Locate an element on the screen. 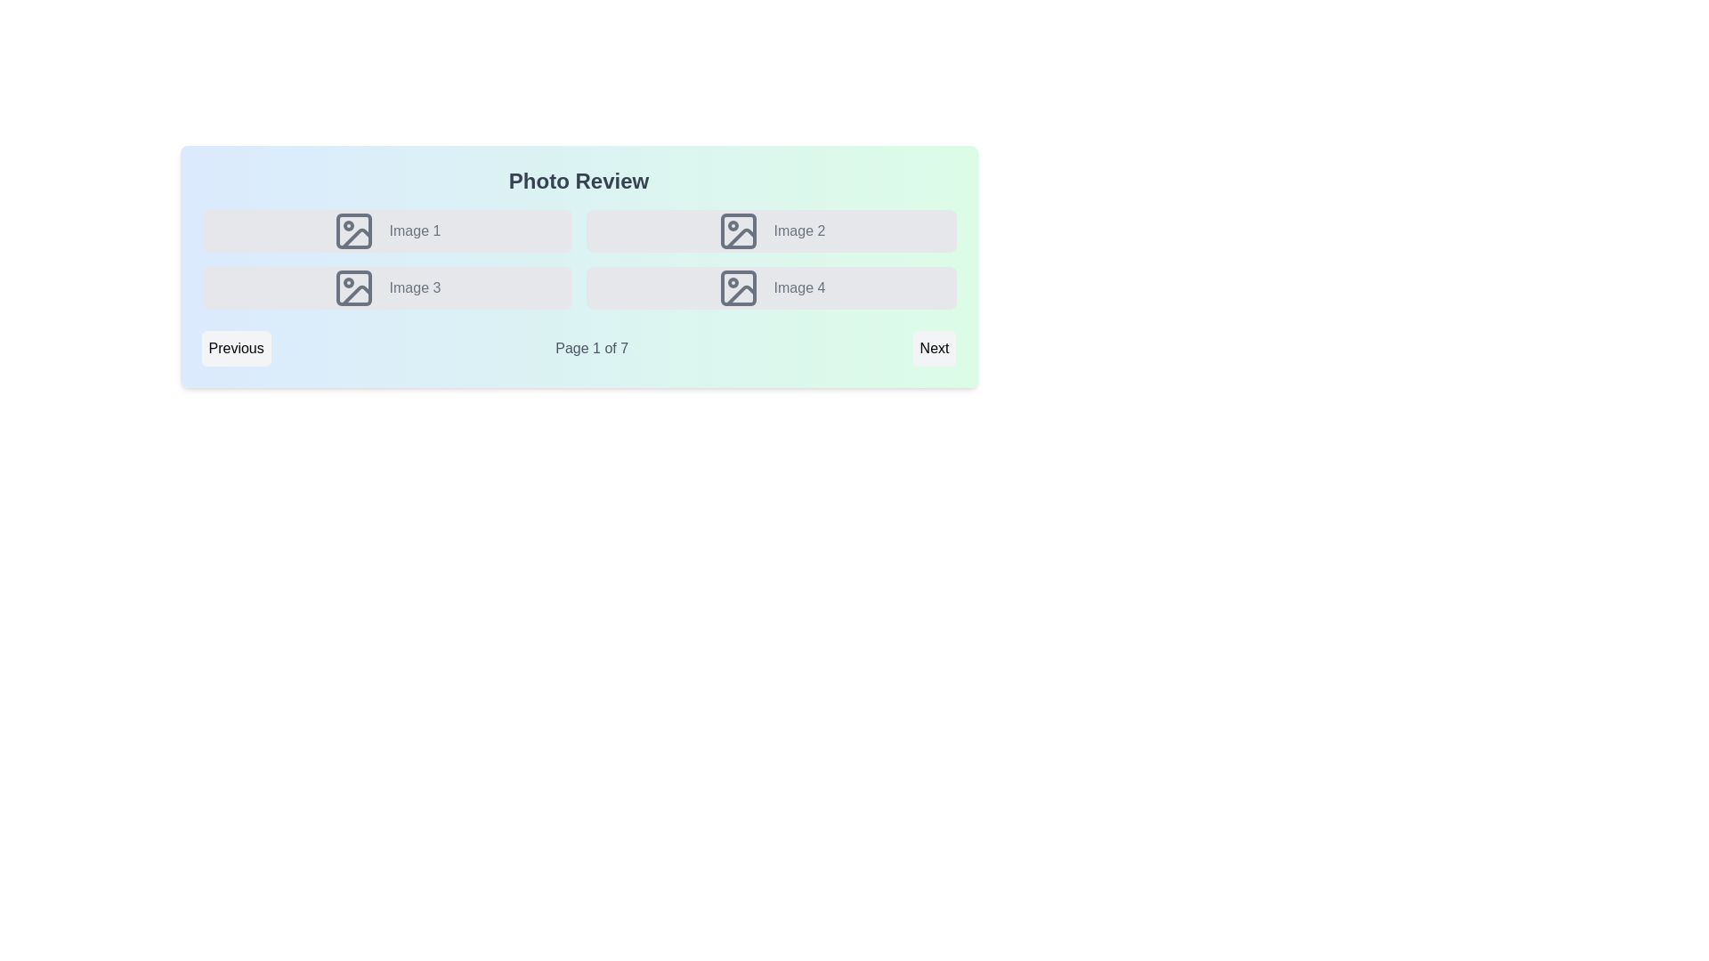  the icon styled to resemble an image placeholder in the bottom-right section of the 'Photo Review' interface, within the panel labeled 'Image 4' is located at coordinates (738, 287).